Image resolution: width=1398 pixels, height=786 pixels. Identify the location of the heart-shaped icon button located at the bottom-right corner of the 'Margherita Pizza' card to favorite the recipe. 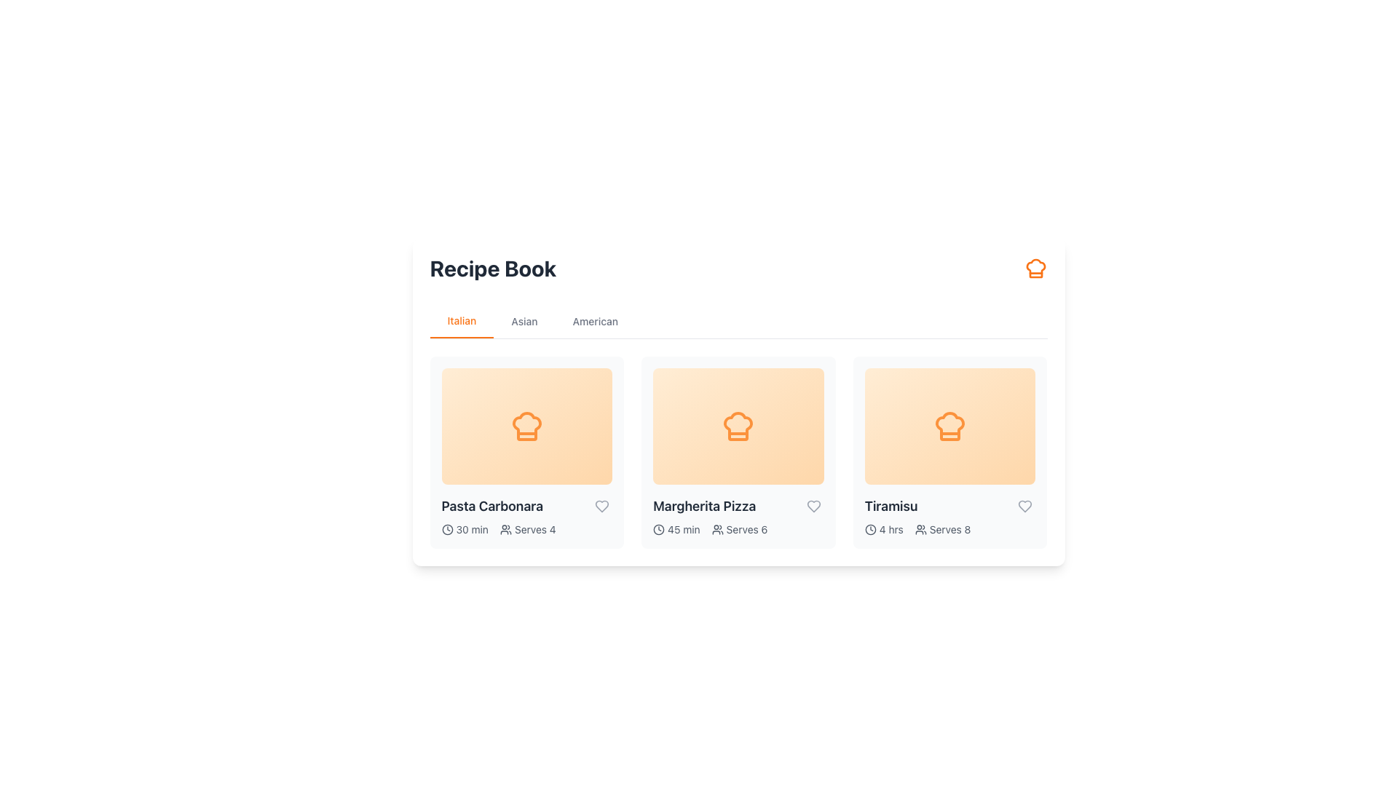
(813, 505).